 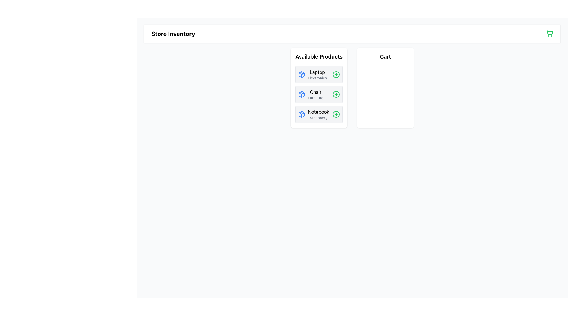 I want to click on the circular green outlined button with a plus sign, located to the far right of the 'Chair/Furniture' item row in the 'Available Products' section, so click(x=336, y=94).